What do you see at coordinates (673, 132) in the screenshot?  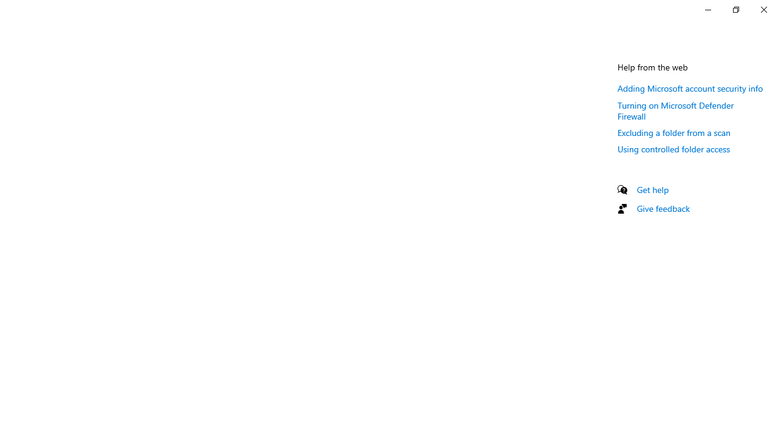 I see `'Excluding a folder from a scan'` at bounding box center [673, 132].